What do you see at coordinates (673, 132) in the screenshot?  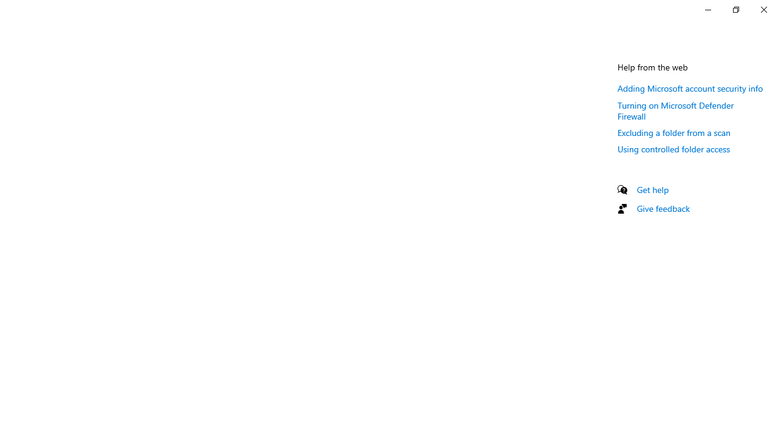 I see `'Excluding a folder from a scan'` at bounding box center [673, 132].